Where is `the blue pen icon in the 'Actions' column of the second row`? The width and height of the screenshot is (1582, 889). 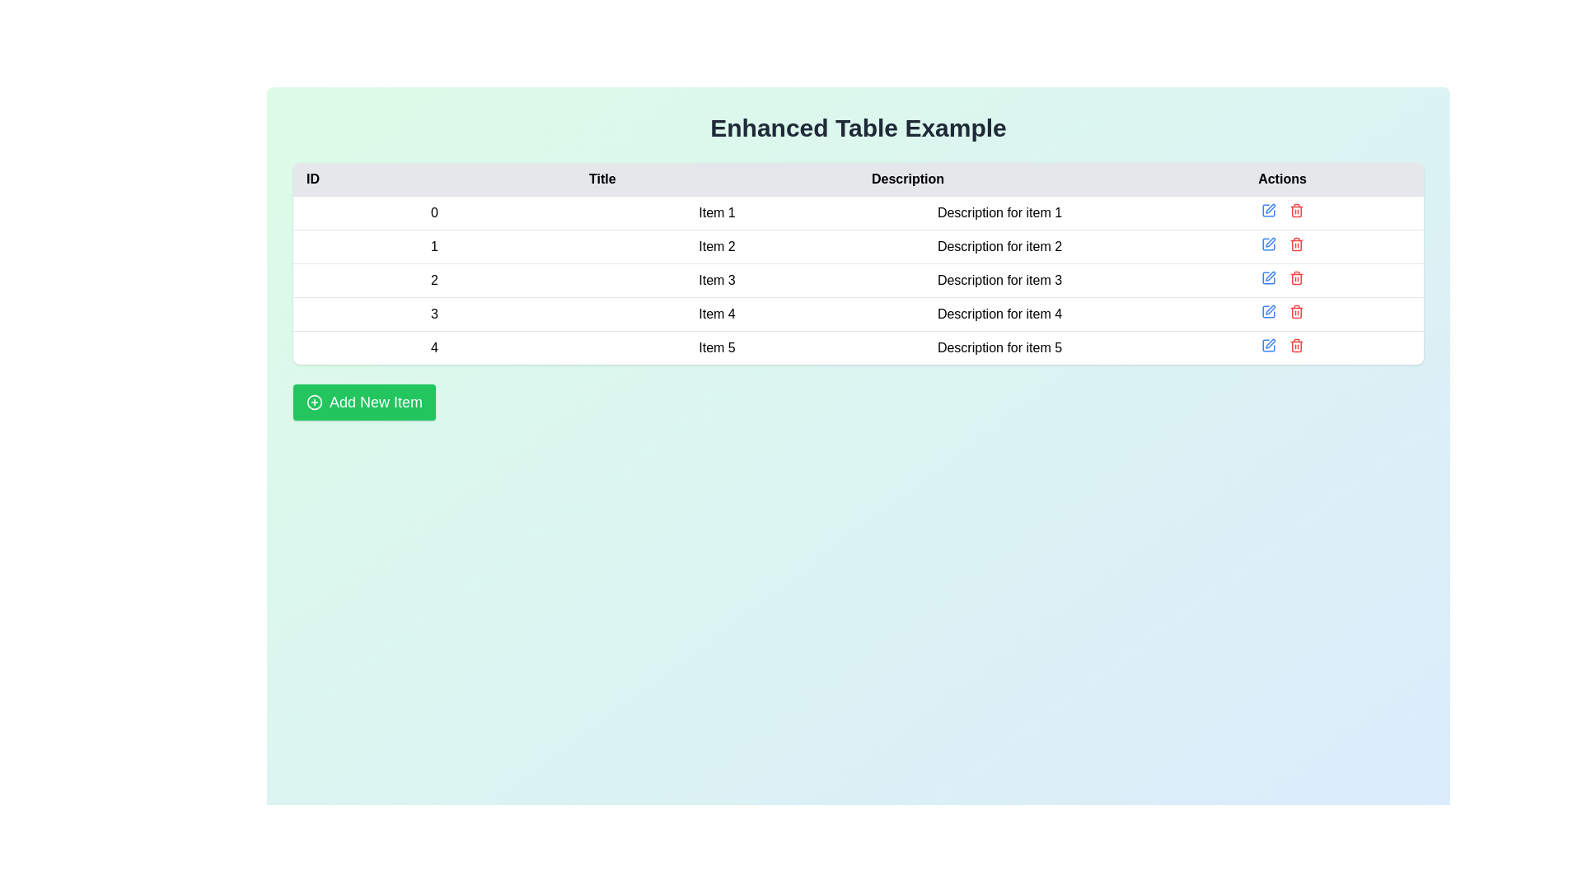 the blue pen icon in the 'Actions' column of the second row is located at coordinates (1267, 244).